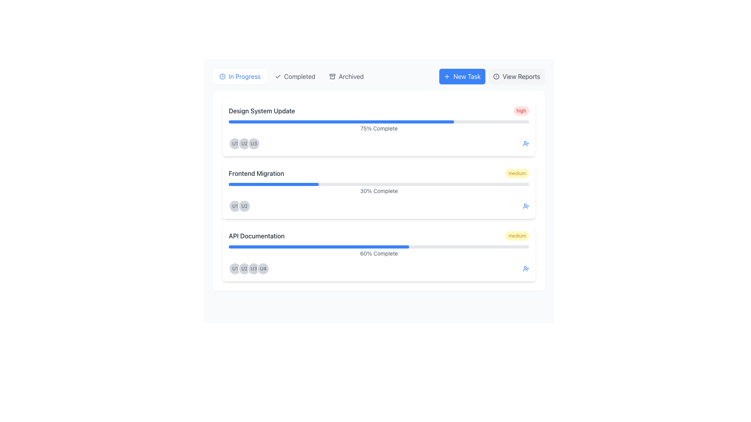  I want to click on the progress indicator displaying '30% Complete', so click(379, 189).